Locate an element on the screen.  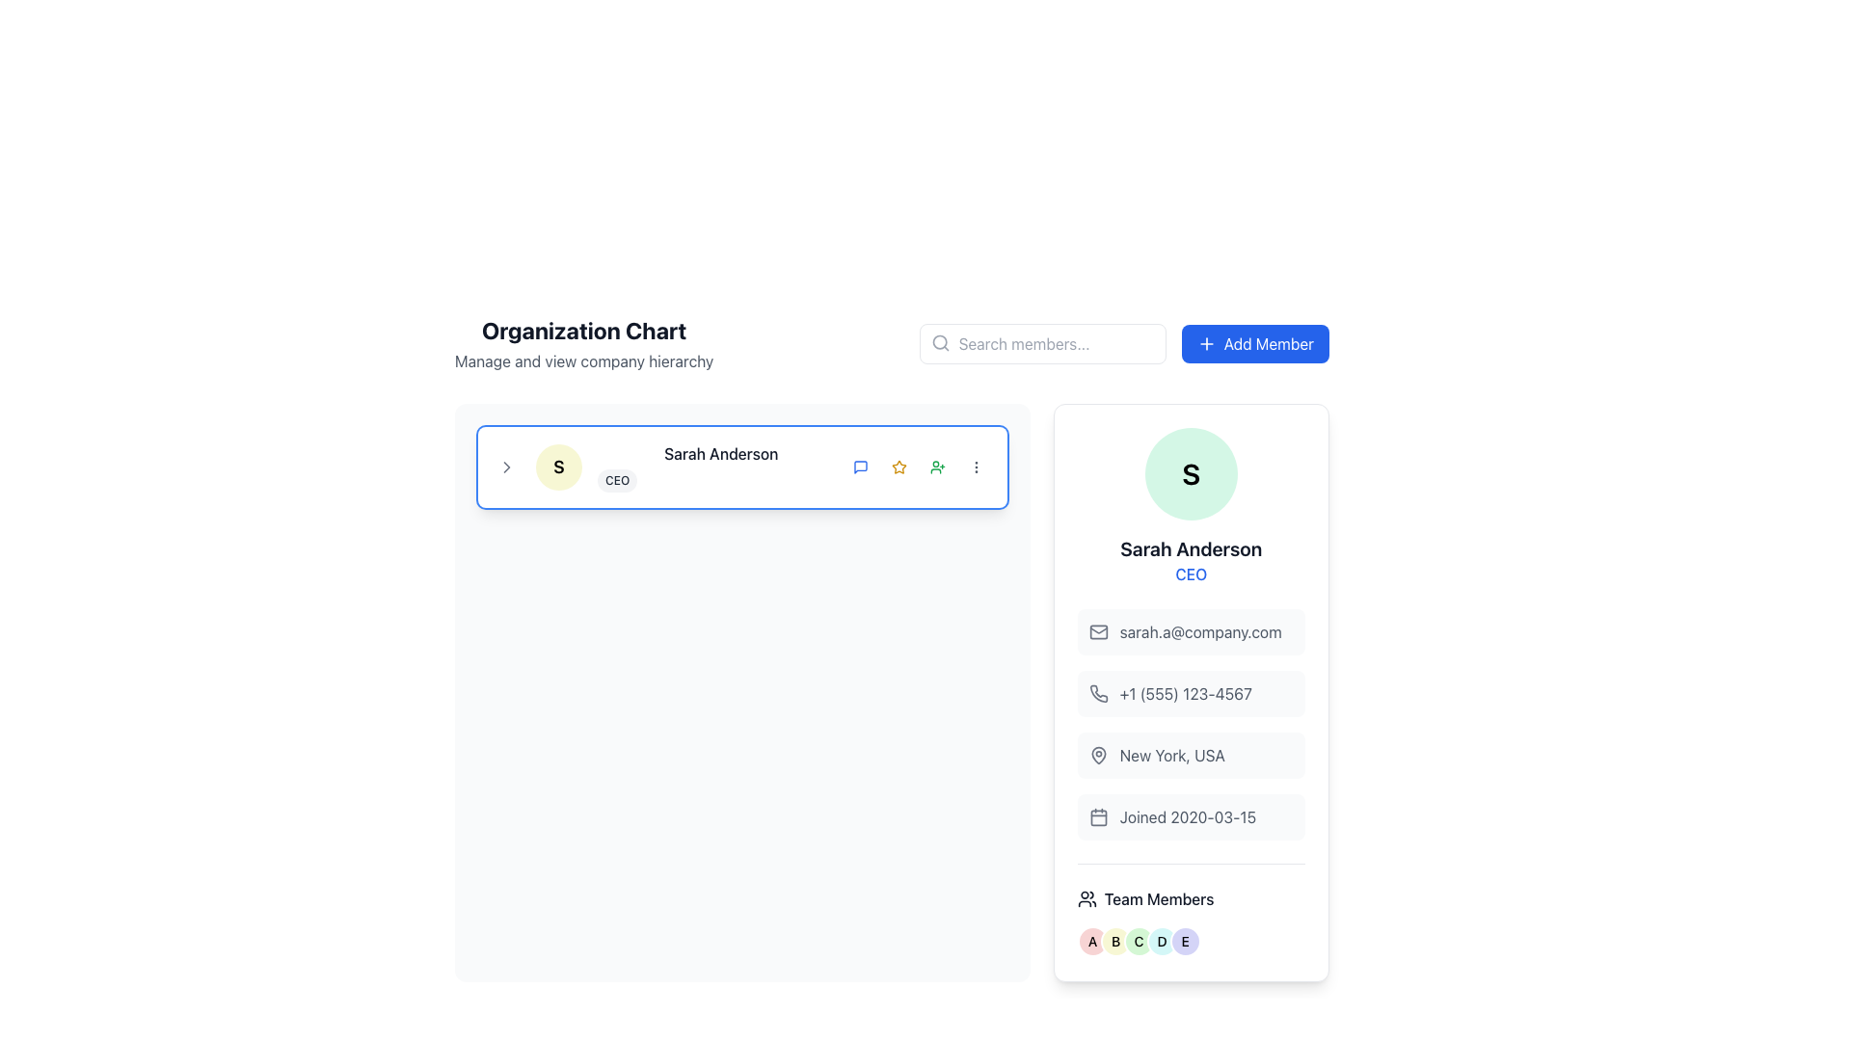
the small phone icon, which is a monochromatic gray curved handset located on the right panel of the user information section, preceding the phone number text is located at coordinates (1098, 692).